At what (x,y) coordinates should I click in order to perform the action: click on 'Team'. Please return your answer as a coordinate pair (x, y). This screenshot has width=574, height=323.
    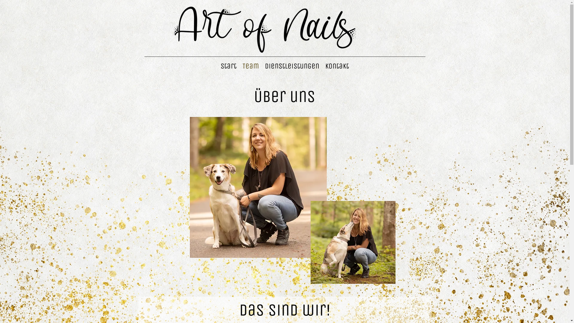
    Looking at the image, I should click on (251, 66).